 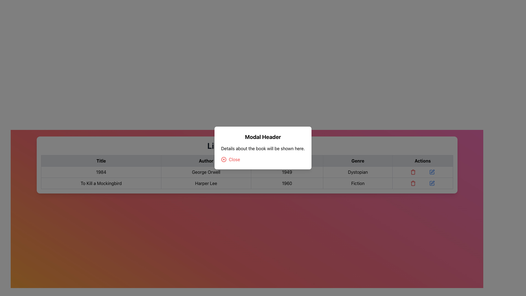 I want to click on the delete icon button located in the 'Actions' column of the table row for the book '1984', so click(x=413, y=172).